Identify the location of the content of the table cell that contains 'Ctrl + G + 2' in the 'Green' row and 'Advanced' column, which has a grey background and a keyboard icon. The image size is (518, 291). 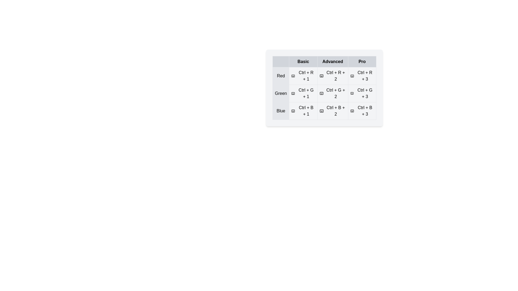
(324, 88).